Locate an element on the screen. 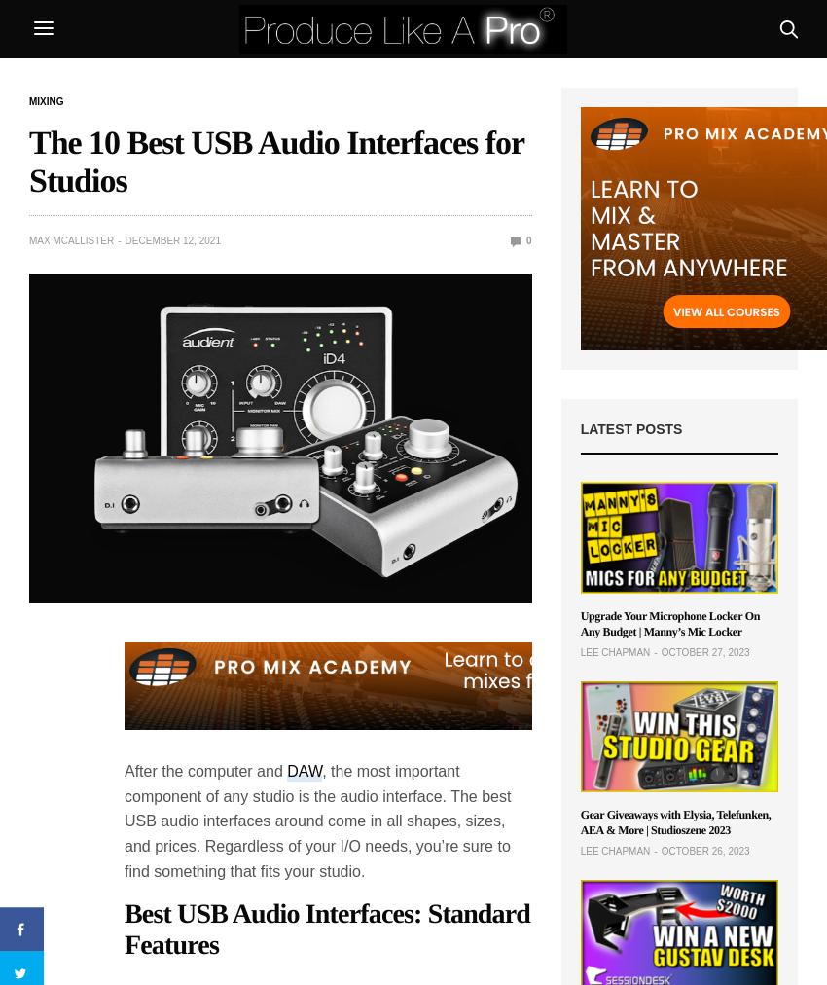 This screenshot has width=827, height=985. 'DAW' is located at coordinates (304, 770).